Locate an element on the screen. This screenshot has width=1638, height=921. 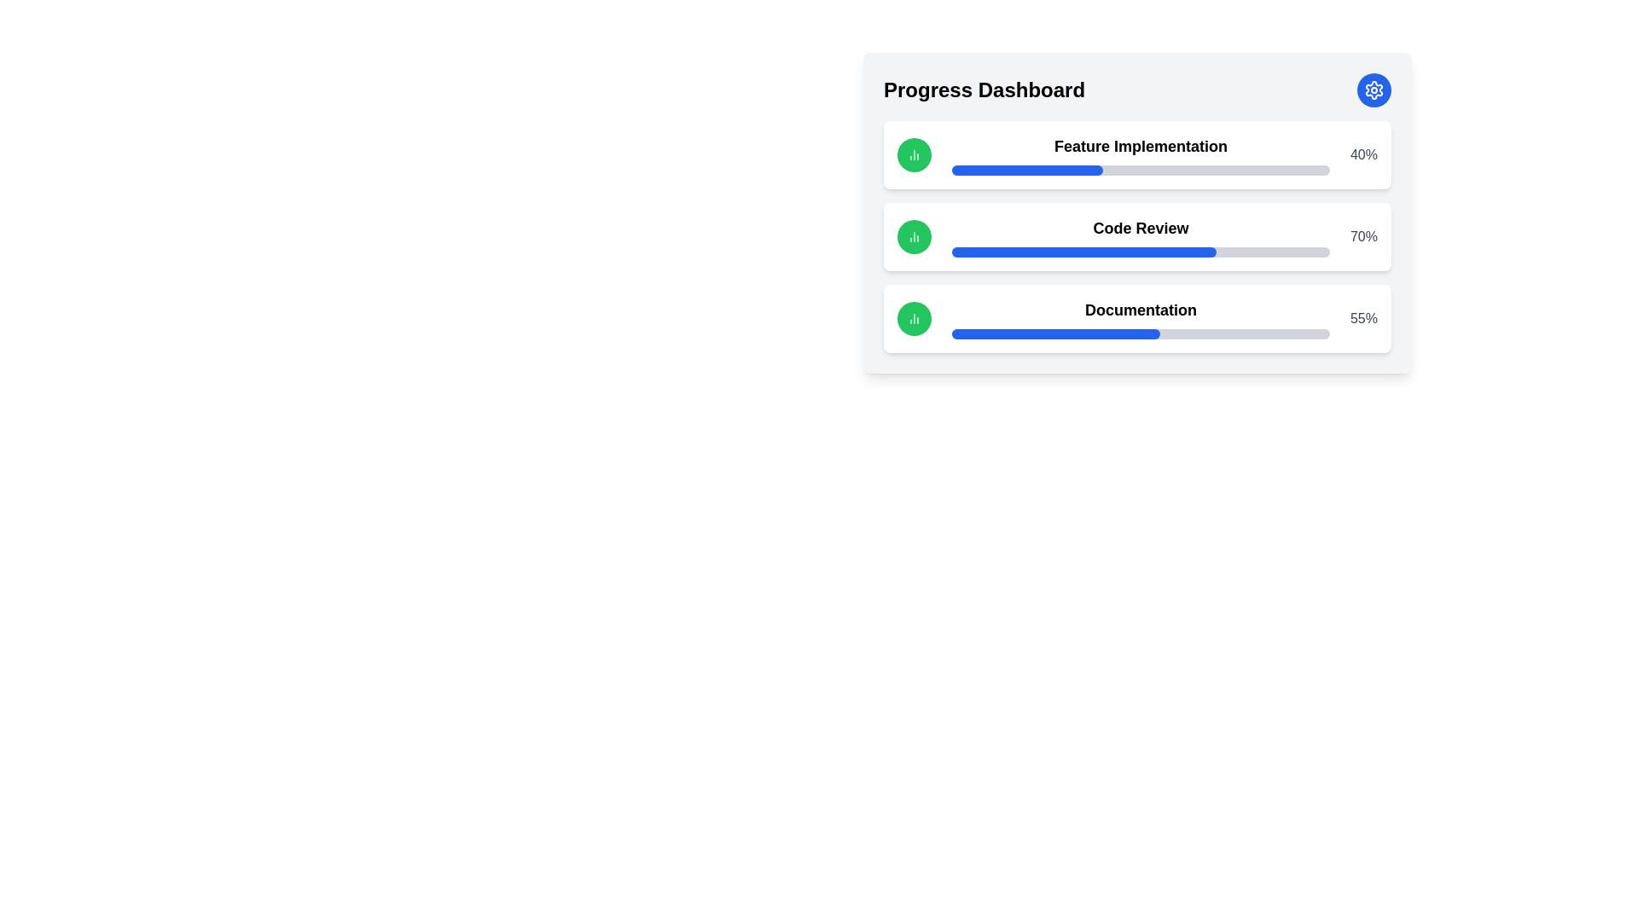
the text label displaying 'Feature Implementation' is located at coordinates (1141, 154).